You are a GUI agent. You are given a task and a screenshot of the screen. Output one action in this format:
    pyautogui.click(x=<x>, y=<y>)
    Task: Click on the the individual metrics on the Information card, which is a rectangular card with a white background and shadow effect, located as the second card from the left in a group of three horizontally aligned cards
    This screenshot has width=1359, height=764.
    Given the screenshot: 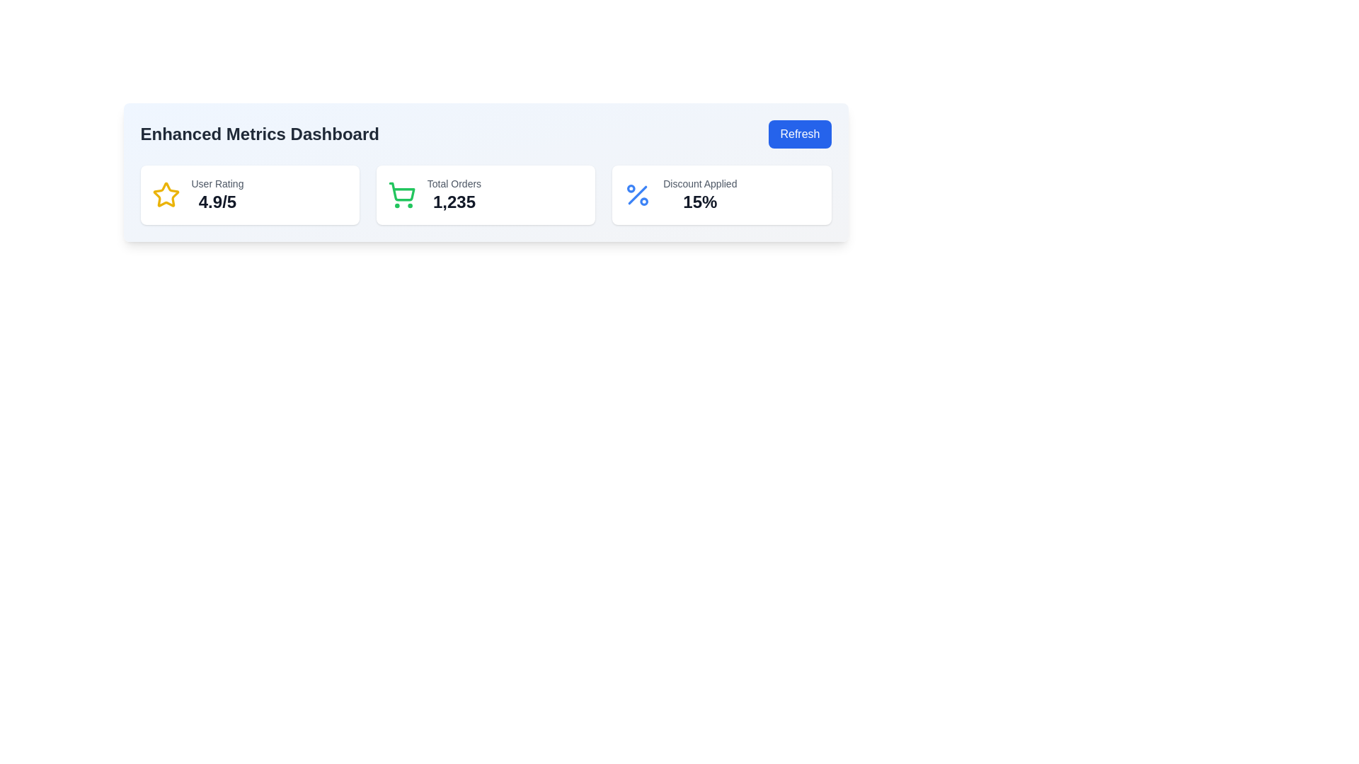 What is the action you would take?
    pyautogui.click(x=486, y=195)
    